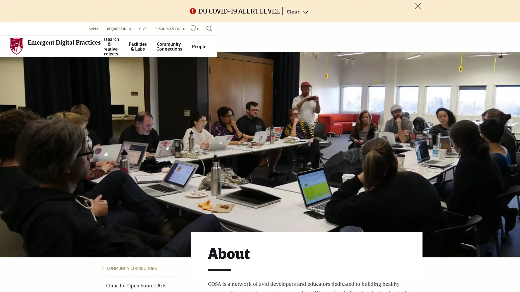 This screenshot has width=520, height=292. Describe the element at coordinates (415, 28) in the screenshot. I see `SEARCH` at that location.